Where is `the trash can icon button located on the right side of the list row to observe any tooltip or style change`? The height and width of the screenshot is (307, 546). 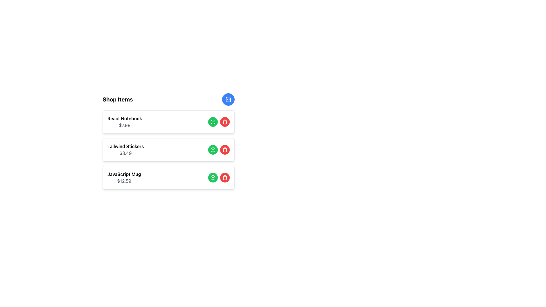 the trash can icon button located on the right side of the list row to observe any tooltip or style change is located at coordinates (225, 121).